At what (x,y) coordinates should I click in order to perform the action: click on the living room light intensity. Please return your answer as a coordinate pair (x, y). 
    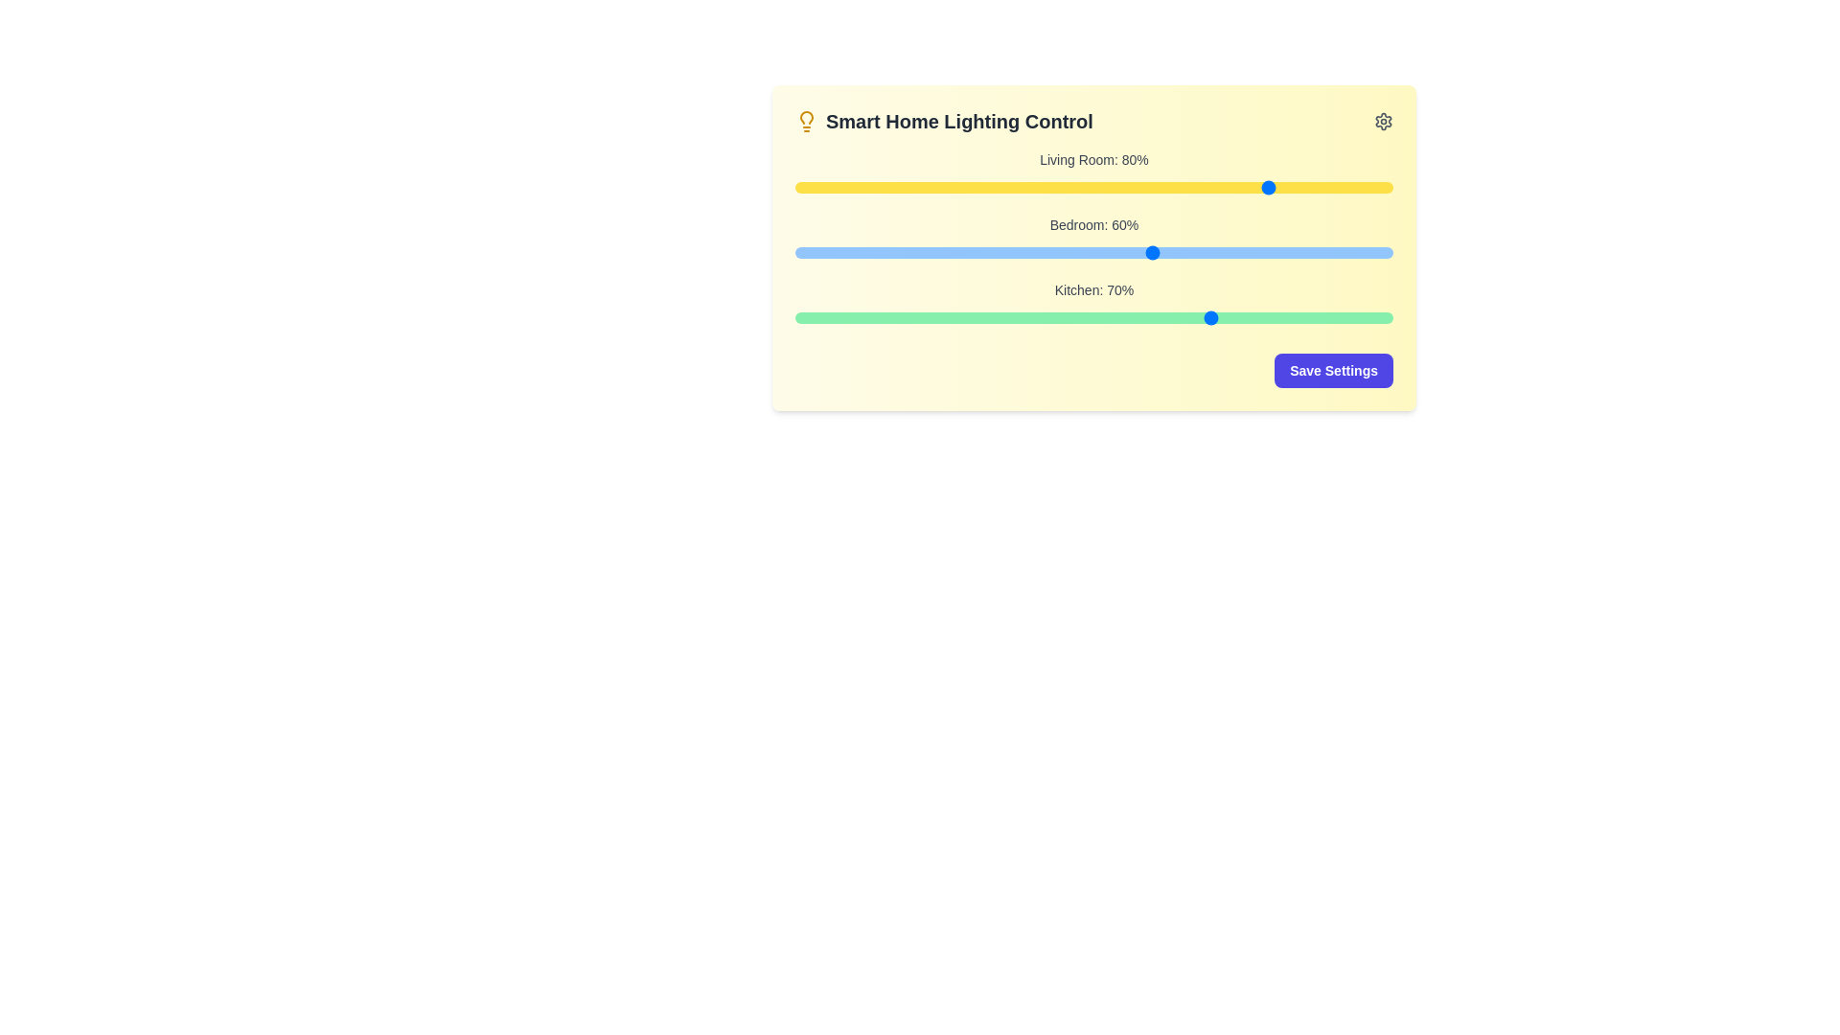
    Looking at the image, I should click on (1279, 188).